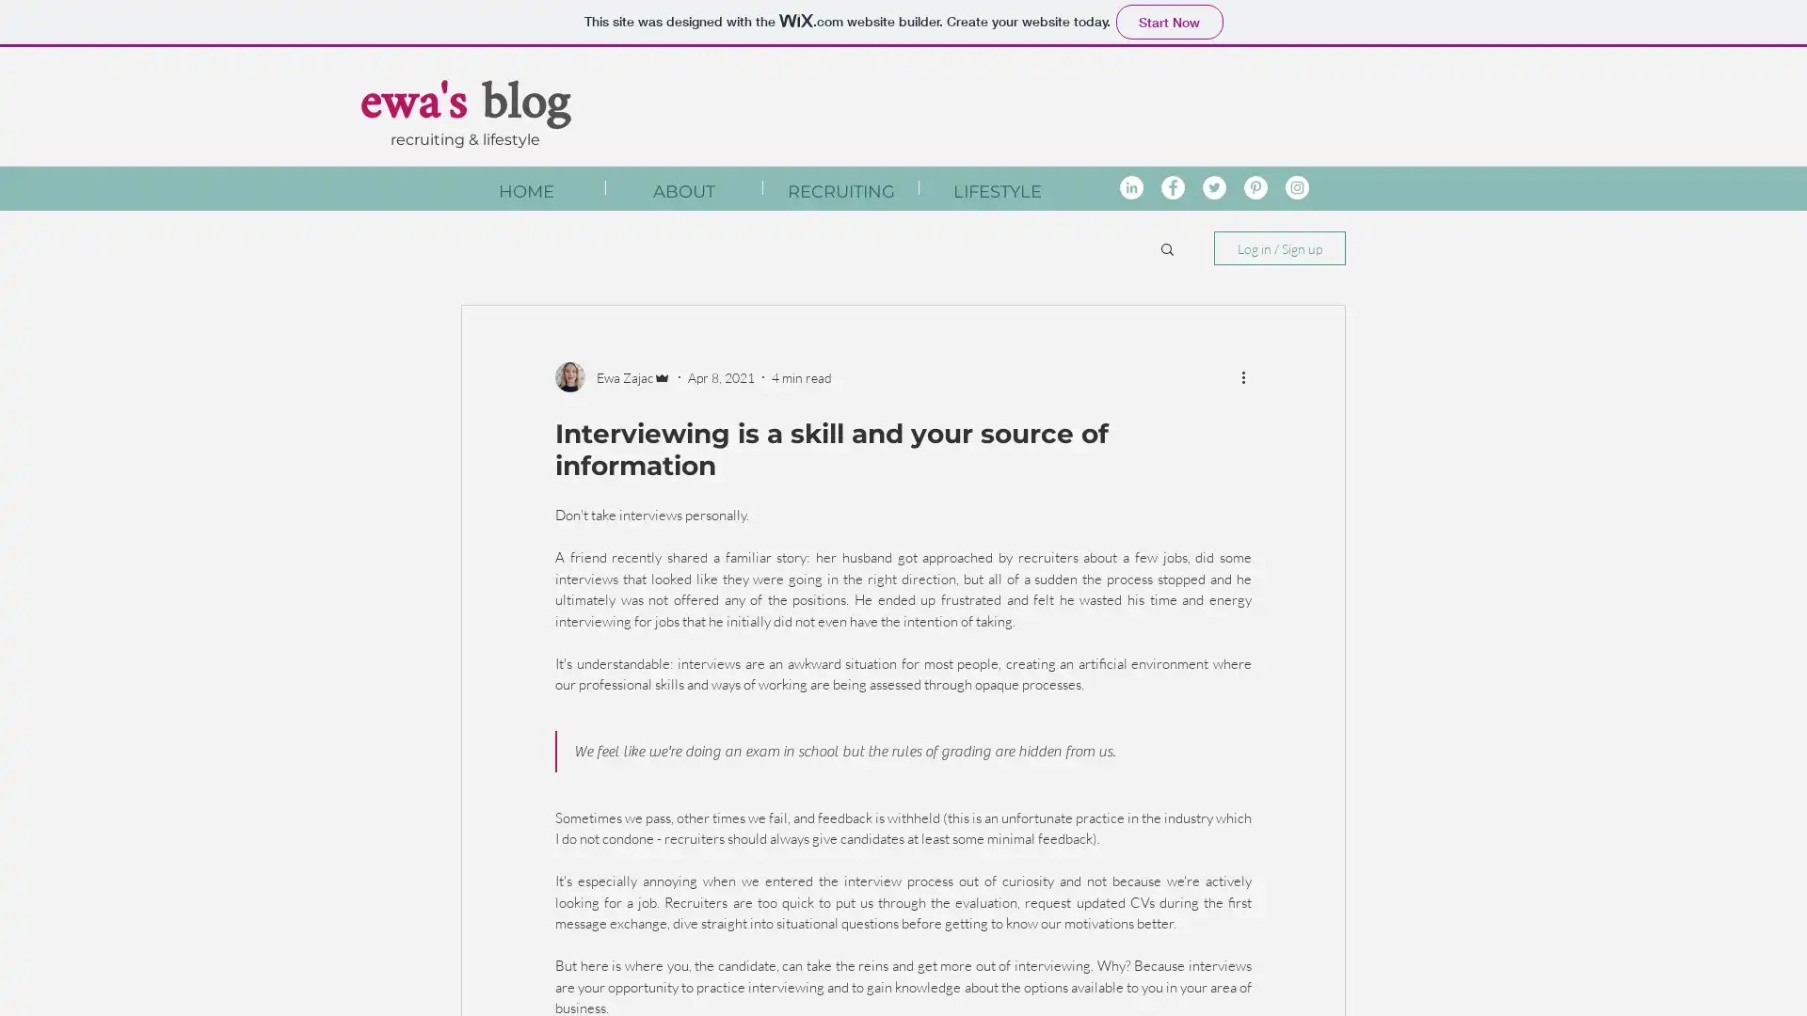  What do you see at coordinates (1249, 376) in the screenshot?
I see `More actions` at bounding box center [1249, 376].